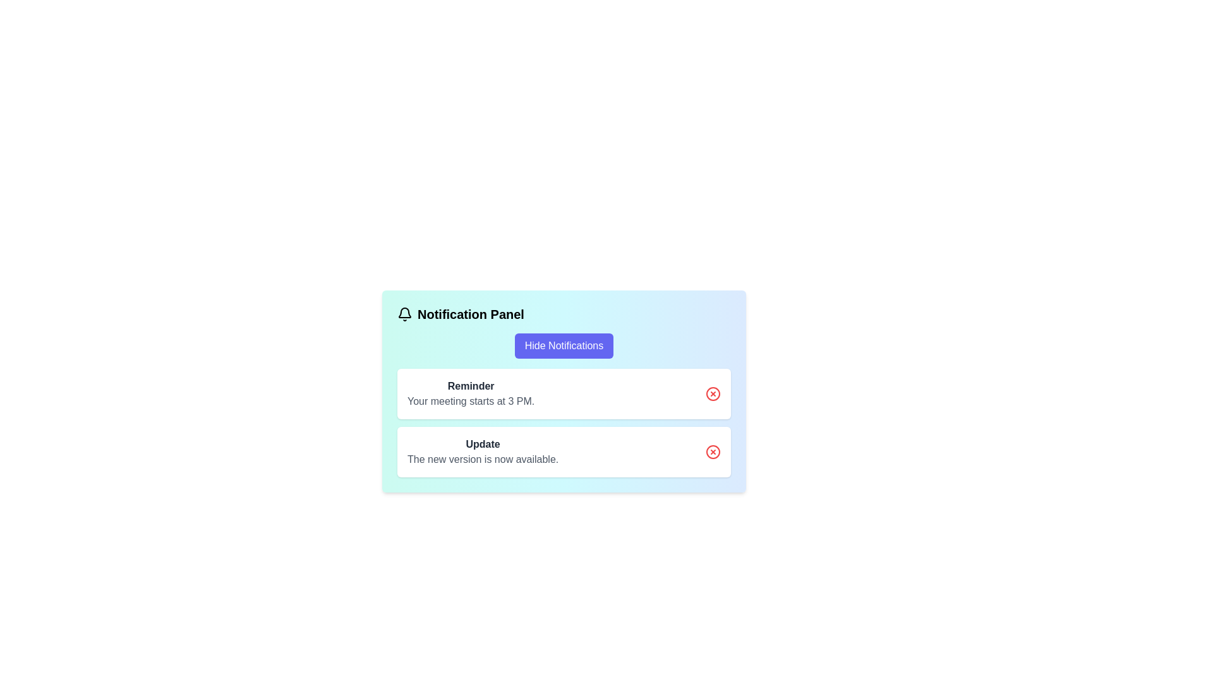 Image resolution: width=1213 pixels, height=682 pixels. What do you see at coordinates (713, 393) in the screenshot?
I see `the outer circular boundary of the close button located in the top-right section of the 'Reminder' notification` at bounding box center [713, 393].